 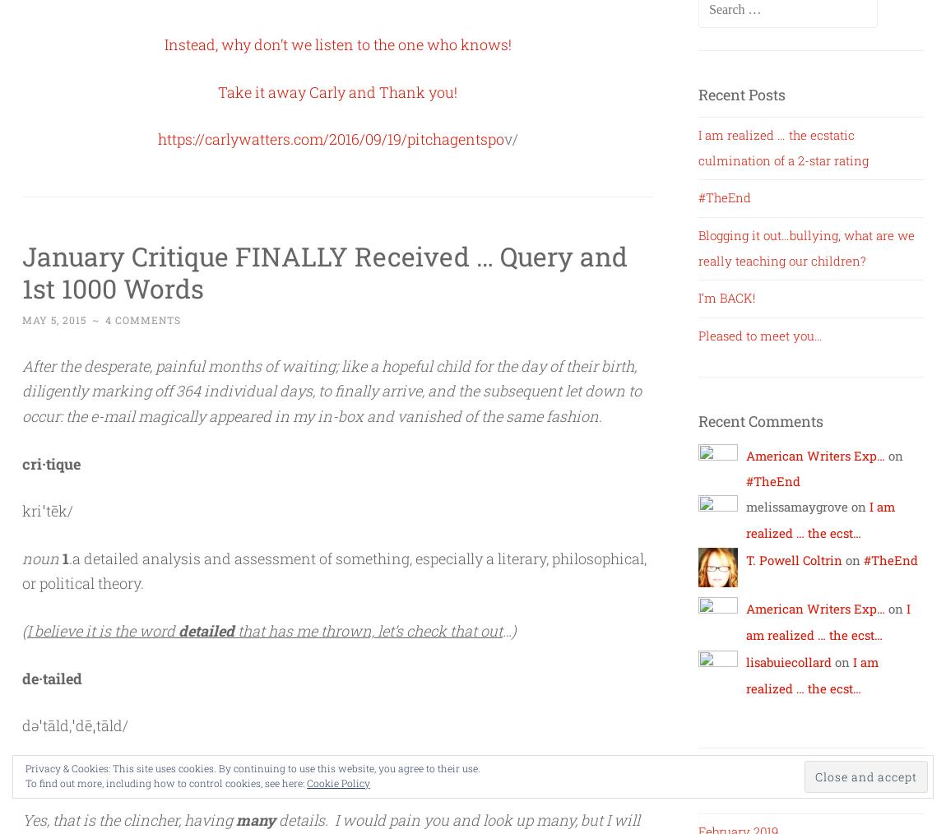 What do you see at coordinates (50, 461) in the screenshot?
I see `'cri·tique'` at bounding box center [50, 461].